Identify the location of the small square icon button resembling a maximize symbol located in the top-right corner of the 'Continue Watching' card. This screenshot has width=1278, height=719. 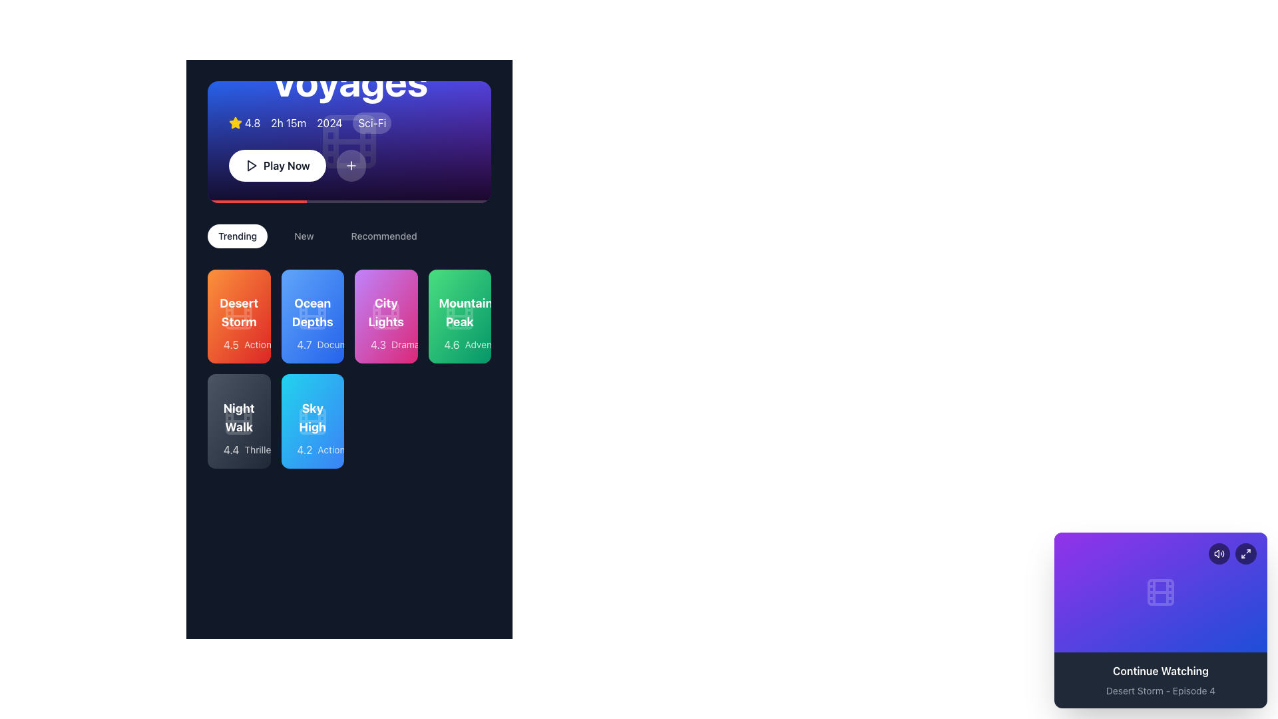
(1245, 554).